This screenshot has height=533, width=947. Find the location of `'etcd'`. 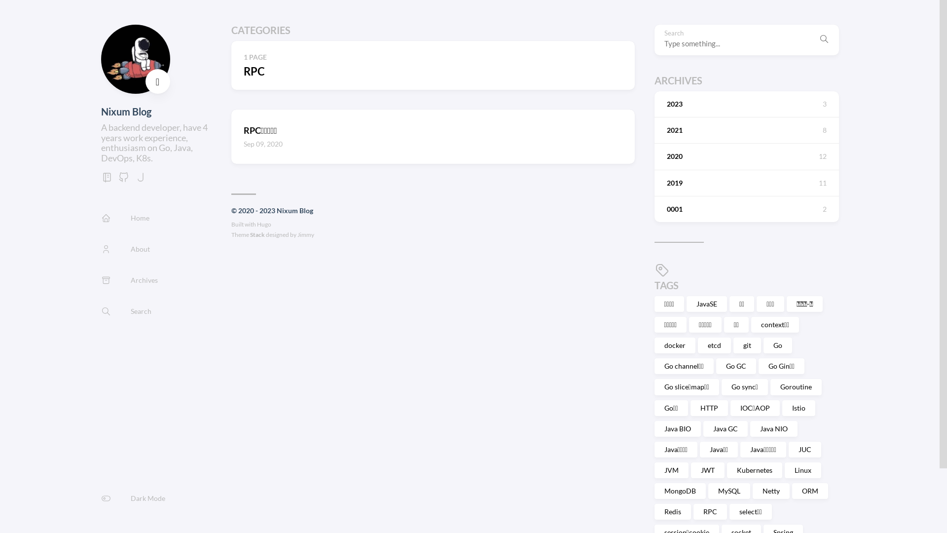

'etcd' is located at coordinates (714, 344).